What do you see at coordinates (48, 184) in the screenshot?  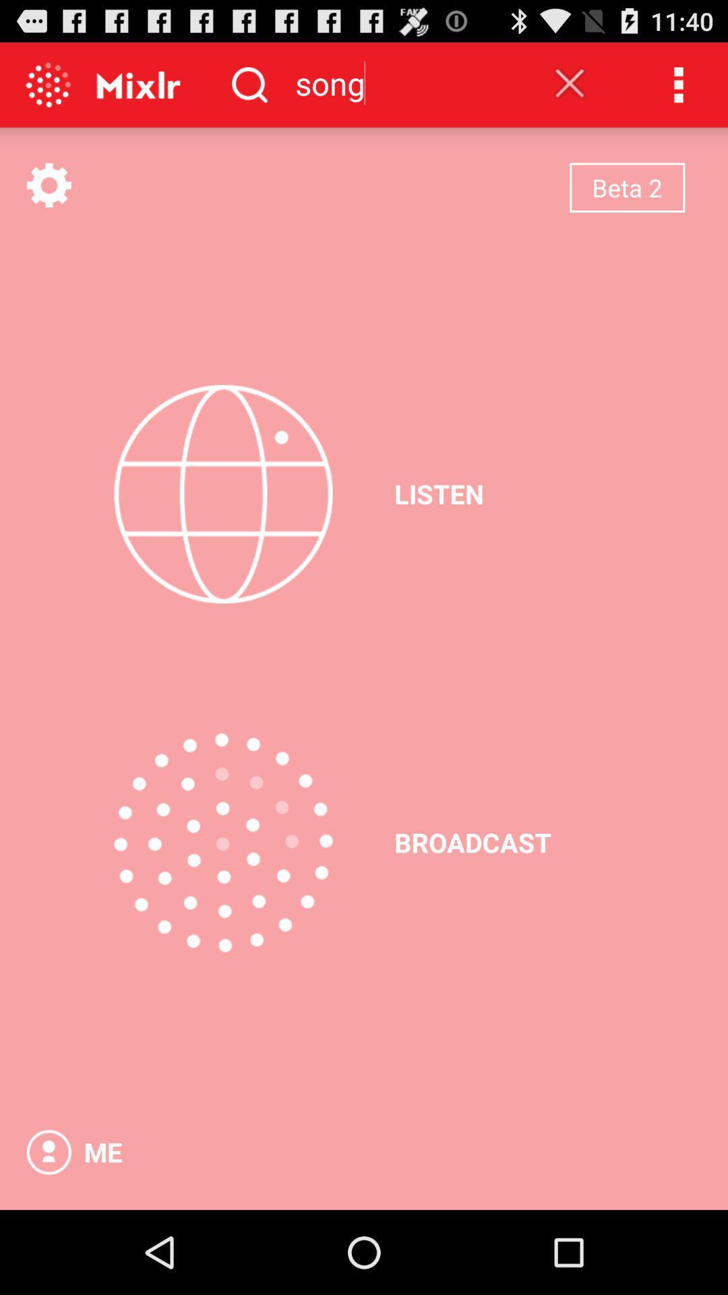 I see `see menu` at bounding box center [48, 184].